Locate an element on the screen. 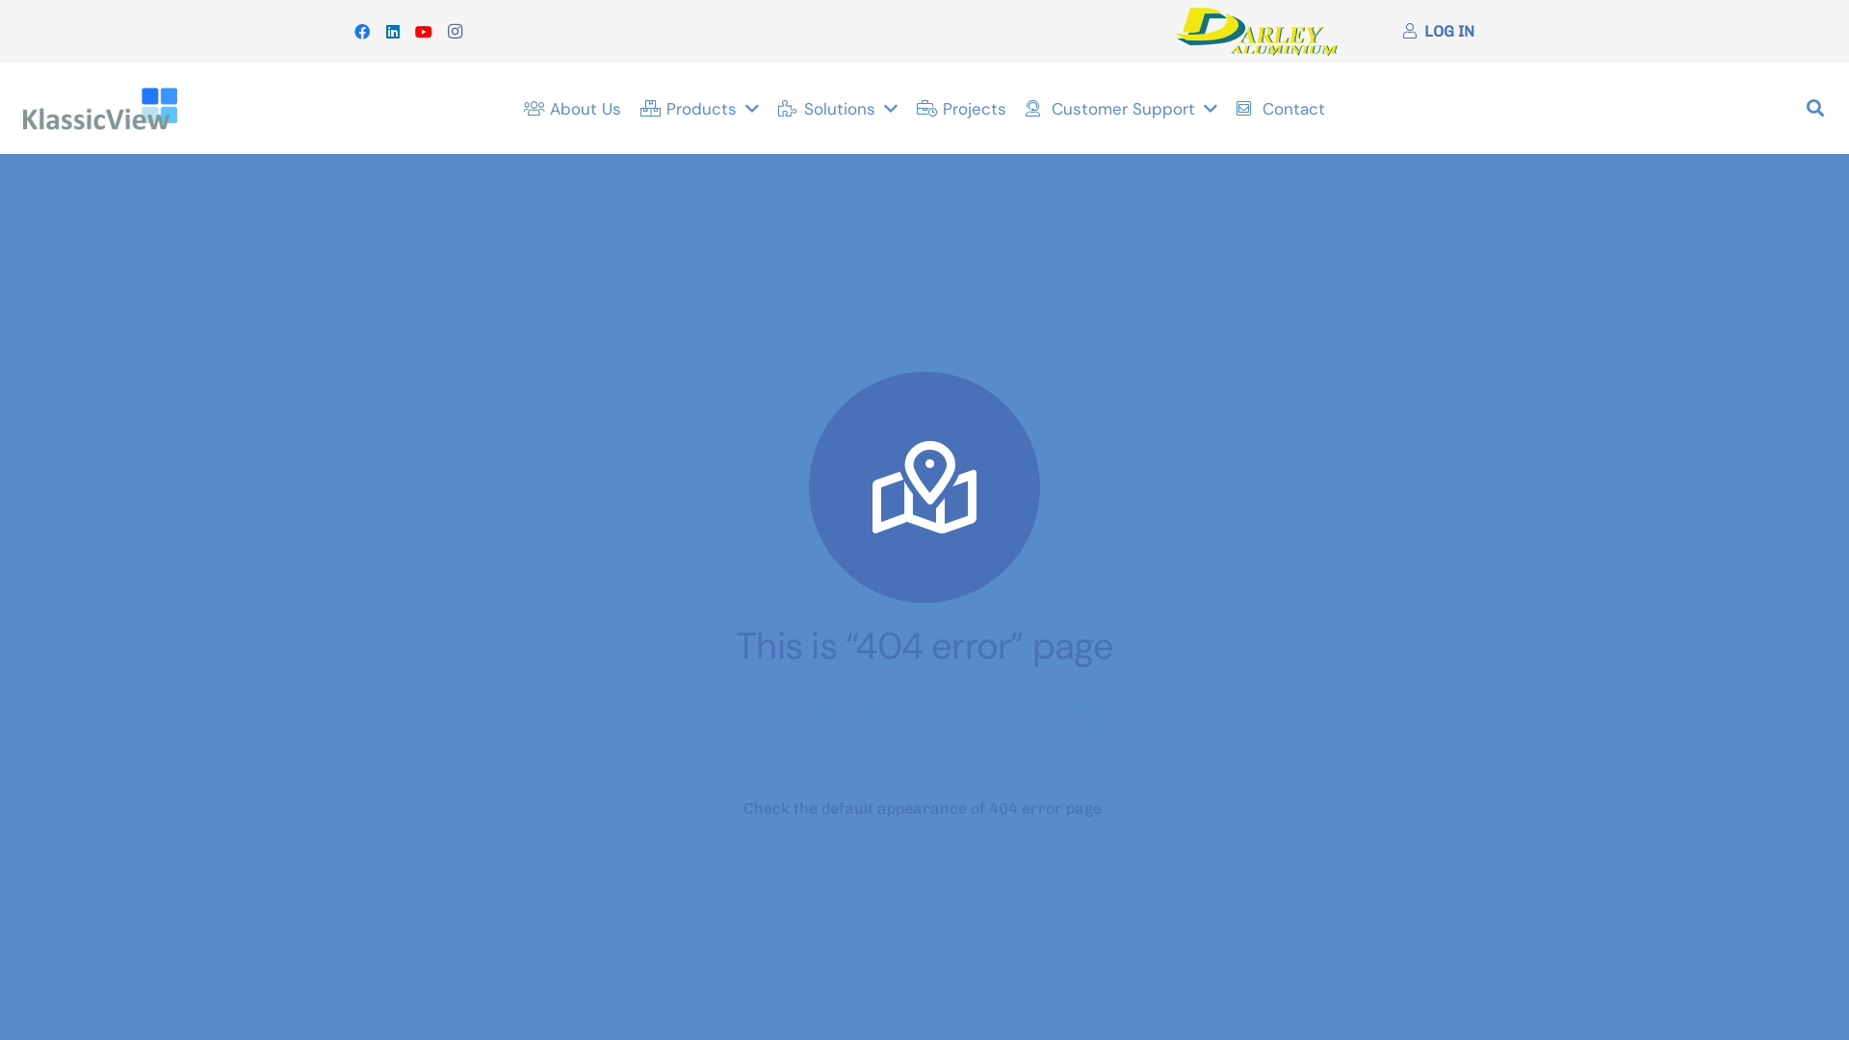 The image size is (1849, 1040). 'LOG IN' is located at coordinates (1438, 31).